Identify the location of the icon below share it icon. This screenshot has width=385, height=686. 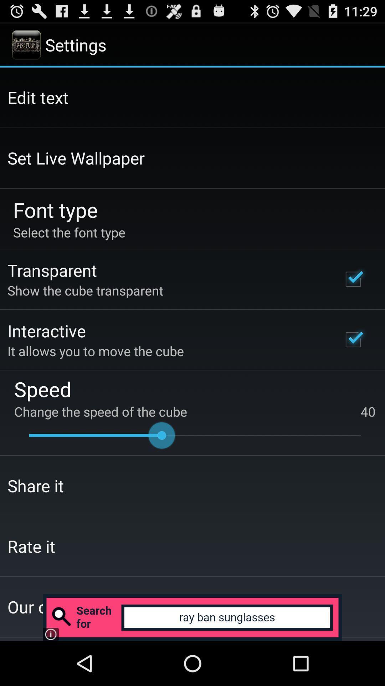
(31, 546).